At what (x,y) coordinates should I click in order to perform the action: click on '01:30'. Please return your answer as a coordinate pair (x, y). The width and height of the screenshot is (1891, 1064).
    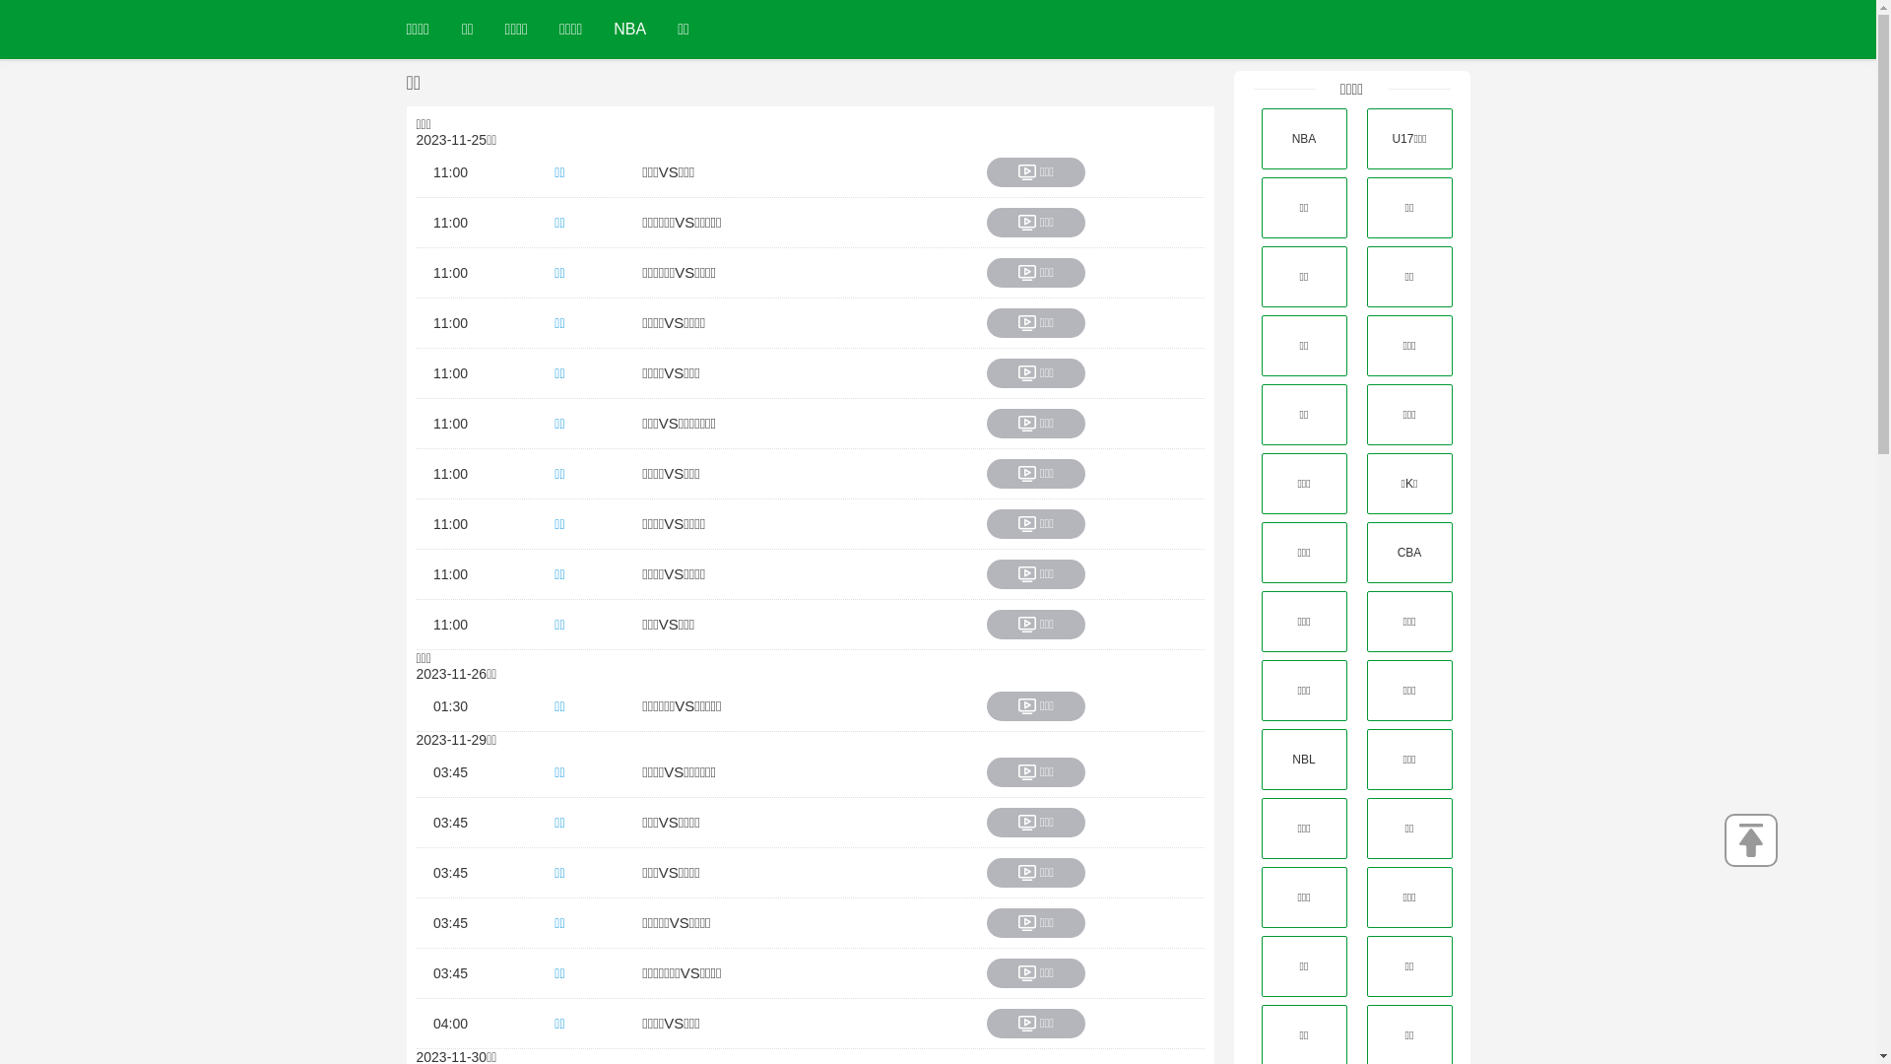
    Looking at the image, I should click on (449, 705).